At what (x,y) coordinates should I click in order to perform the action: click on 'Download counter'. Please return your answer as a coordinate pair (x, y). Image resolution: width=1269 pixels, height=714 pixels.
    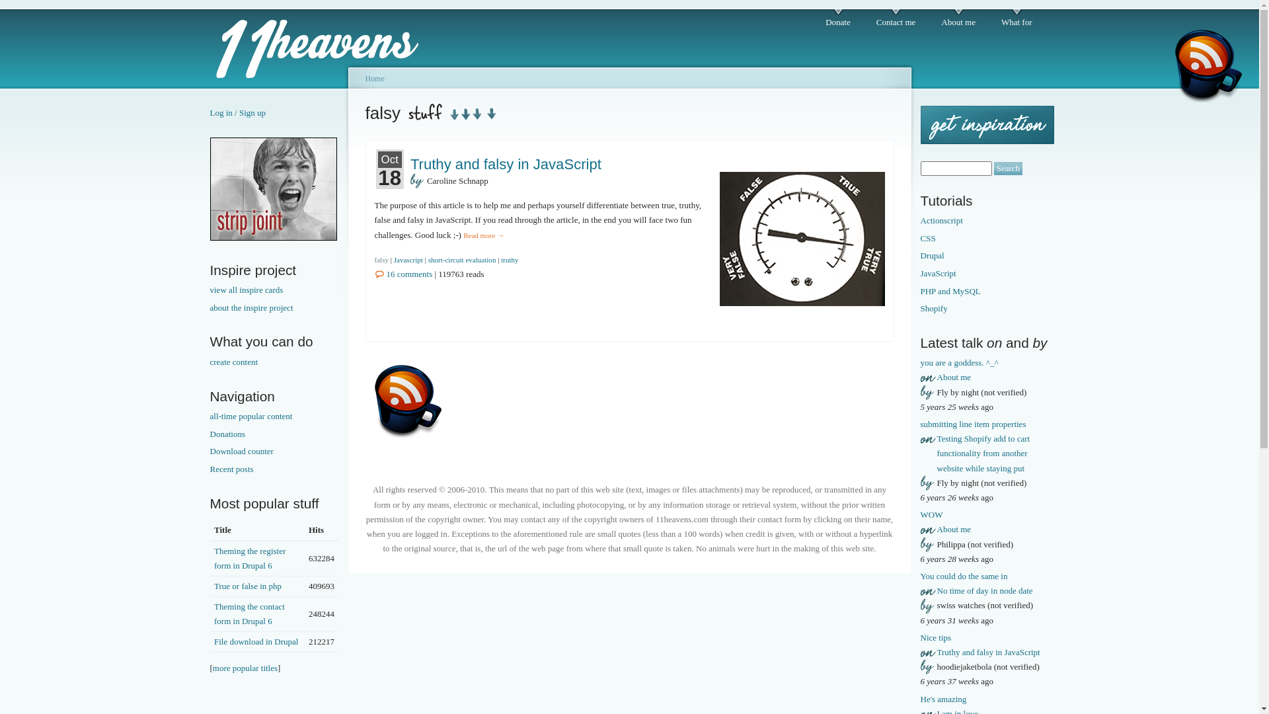
    Looking at the image, I should click on (274, 450).